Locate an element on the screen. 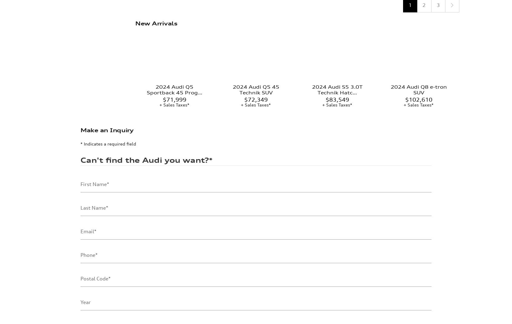 This screenshot has height=324, width=512. 'Phone' is located at coordinates (87, 206).